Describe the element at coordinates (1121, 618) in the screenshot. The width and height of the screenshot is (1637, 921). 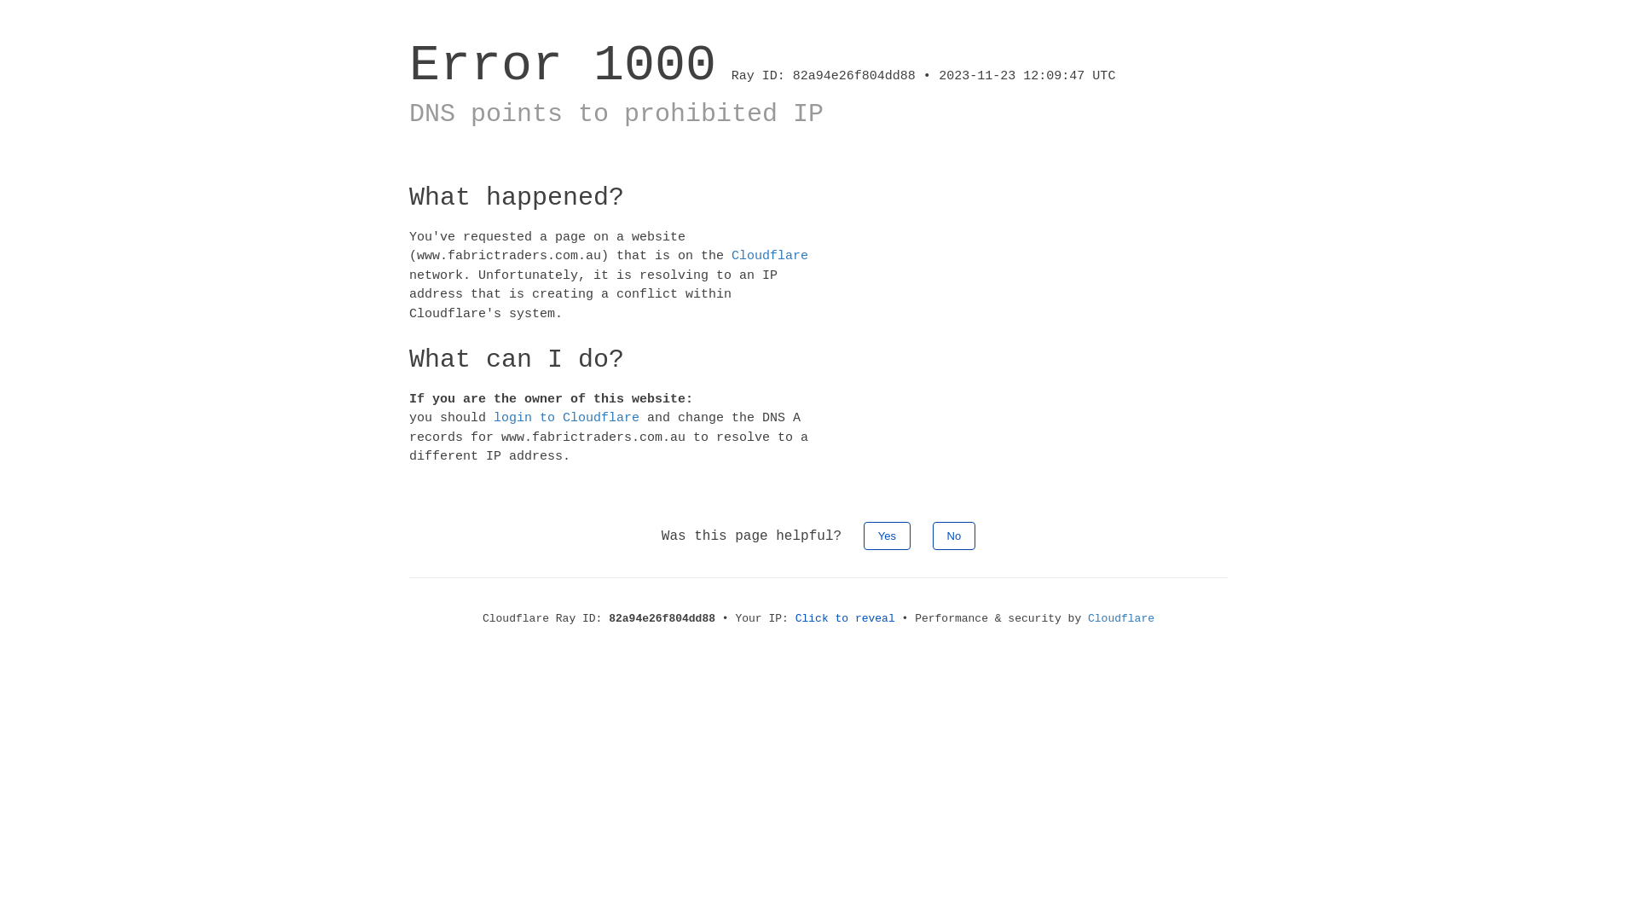
I see `'Cloudflare'` at that location.